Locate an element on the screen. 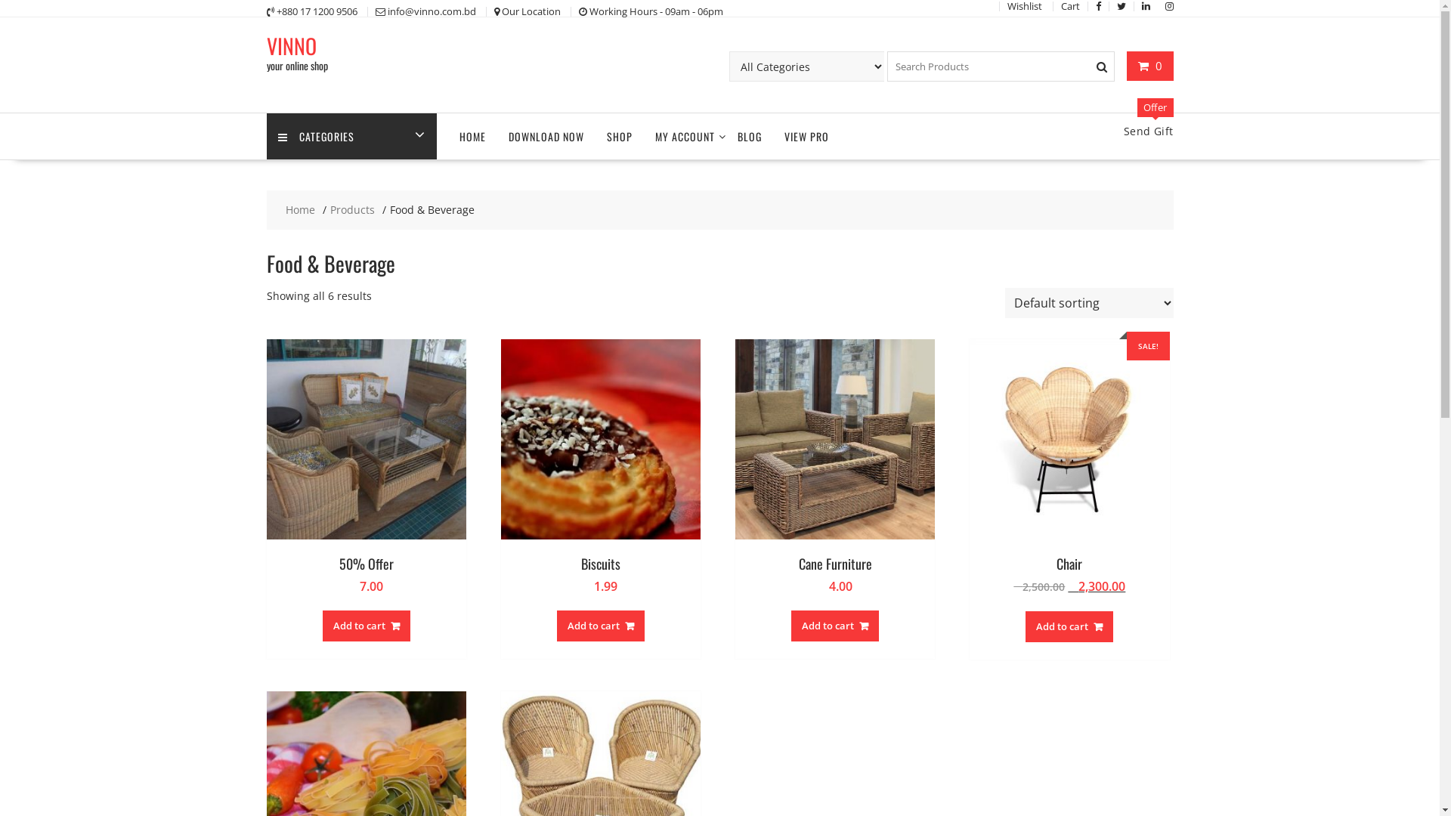 This screenshot has height=816, width=1451. '0' is located at coordinates (1149, 65).